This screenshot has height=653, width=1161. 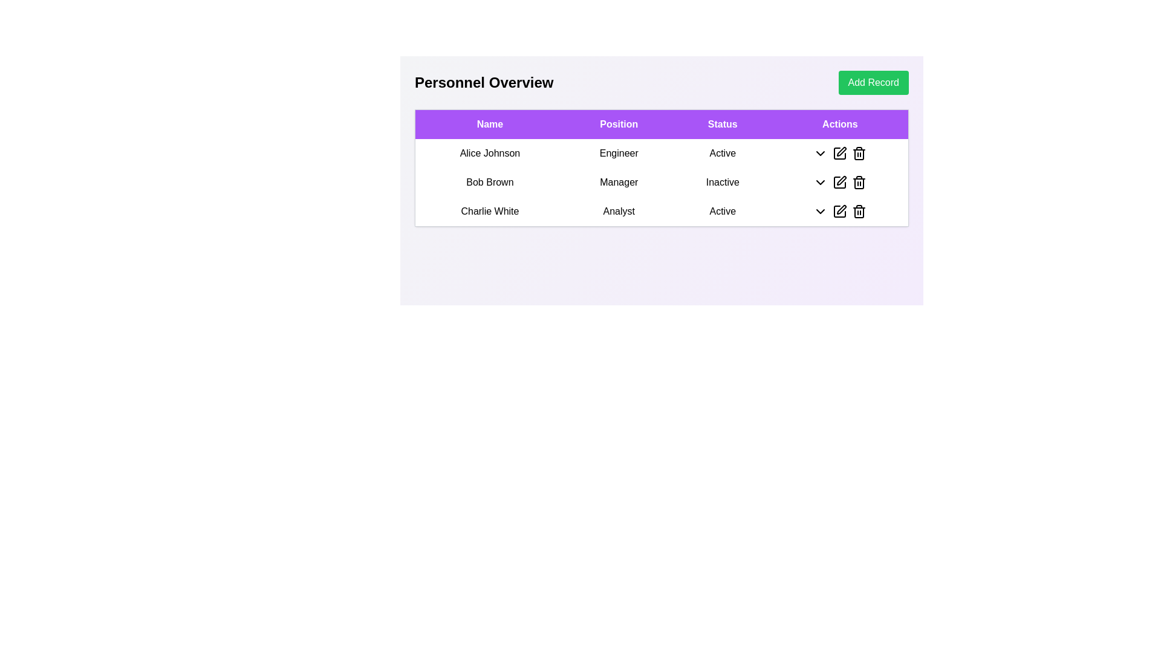 What do you see at coordinates (859, 211) in the screenshot?
I see `the trash bin icon located in the bottom-right corner of the table under the 'Actions' column for the row labeled 'Charlie White'` at bounding box center [859, 211].